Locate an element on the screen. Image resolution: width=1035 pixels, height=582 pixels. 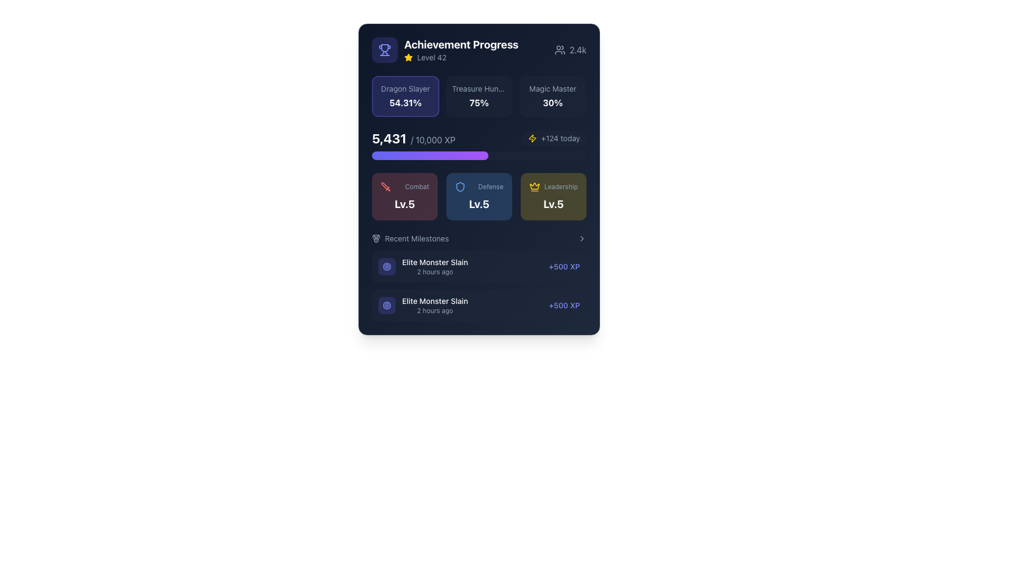
the crown icon representing the 'Leadership' category, which is styled with a dark background and is the third item in the row of category labels below the XP progress bar is located at coordinates (535, 186).